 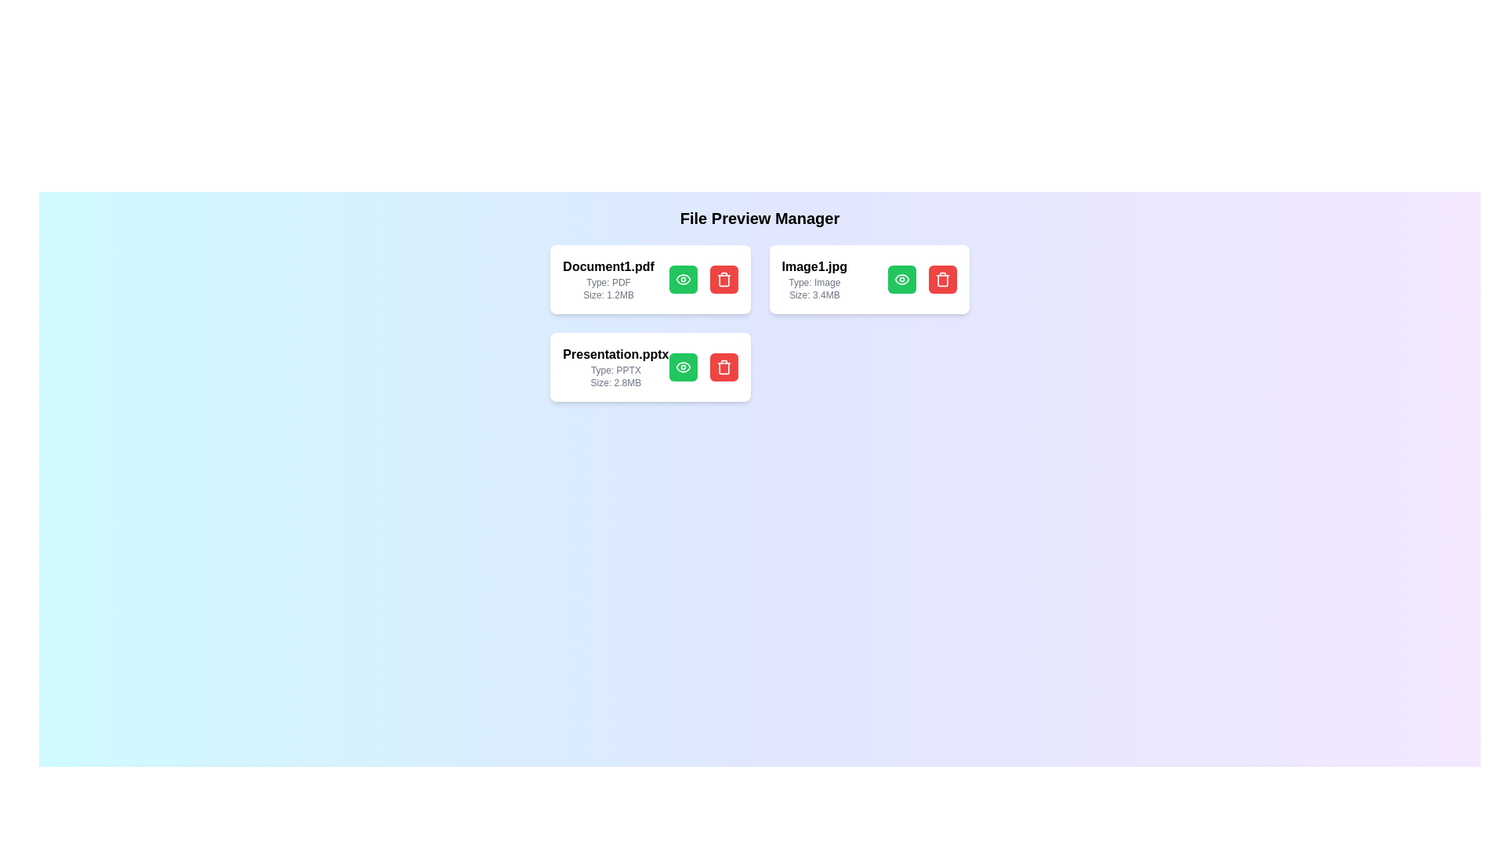 I want to click on the descriptive label for the file 'Presentation.pptx' that displays essential metadata about the file, located at the bottom-left of the card-like UI component, so click(x=615, y=367).